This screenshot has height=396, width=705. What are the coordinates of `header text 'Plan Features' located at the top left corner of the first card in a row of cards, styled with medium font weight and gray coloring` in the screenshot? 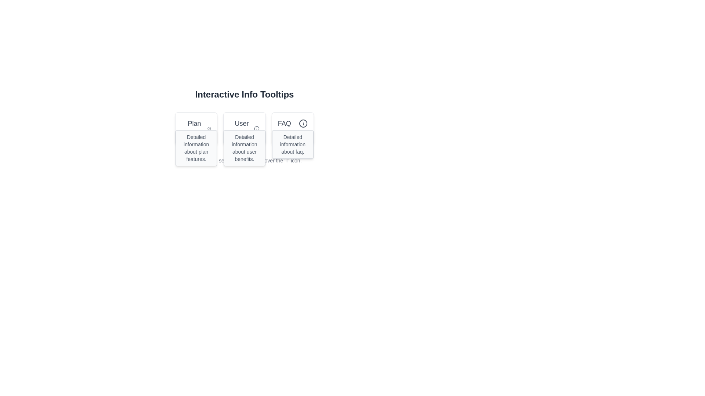 It's located at (196, 128).